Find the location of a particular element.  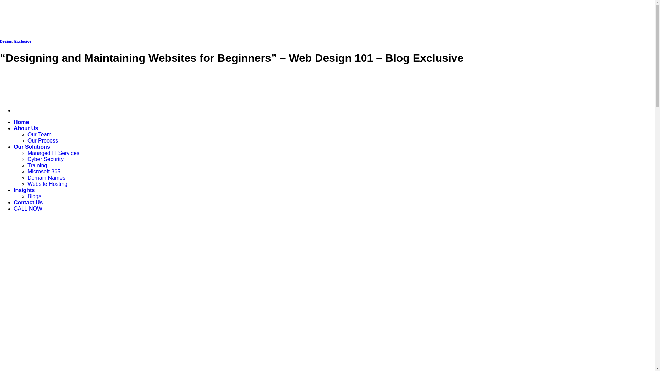

'Domain Names' is located at coordinates (46, 177).